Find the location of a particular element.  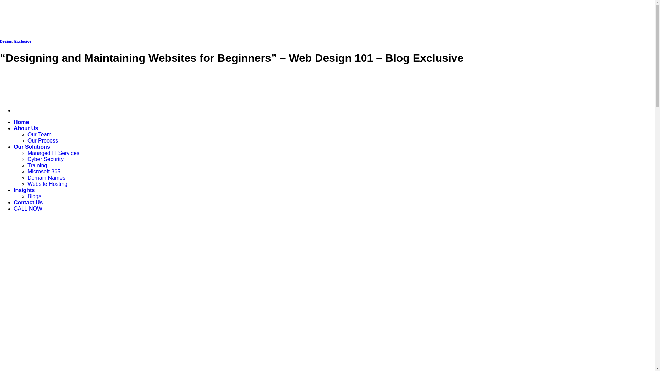

'Domain Names' is located at coordinates (46, 177).